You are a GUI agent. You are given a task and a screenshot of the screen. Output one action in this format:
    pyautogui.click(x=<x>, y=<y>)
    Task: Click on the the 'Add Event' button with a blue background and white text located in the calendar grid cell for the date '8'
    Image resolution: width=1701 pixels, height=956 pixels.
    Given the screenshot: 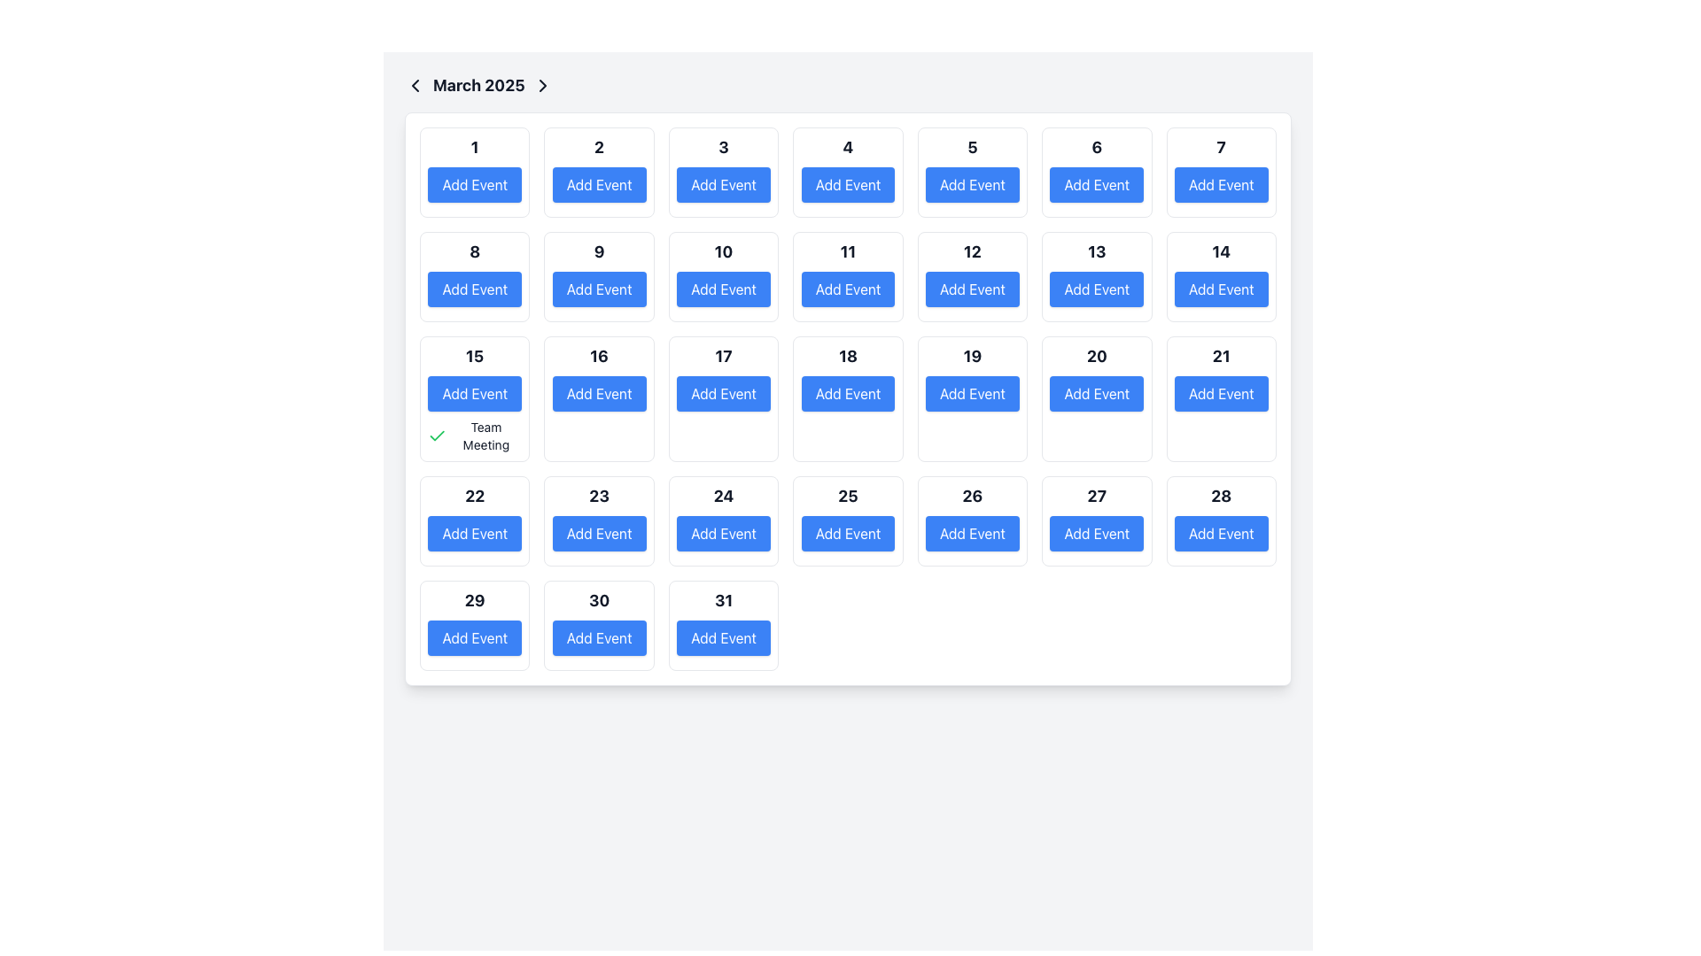 What is the action you would take?
    pyautogui.click(x=475, y=289)
    